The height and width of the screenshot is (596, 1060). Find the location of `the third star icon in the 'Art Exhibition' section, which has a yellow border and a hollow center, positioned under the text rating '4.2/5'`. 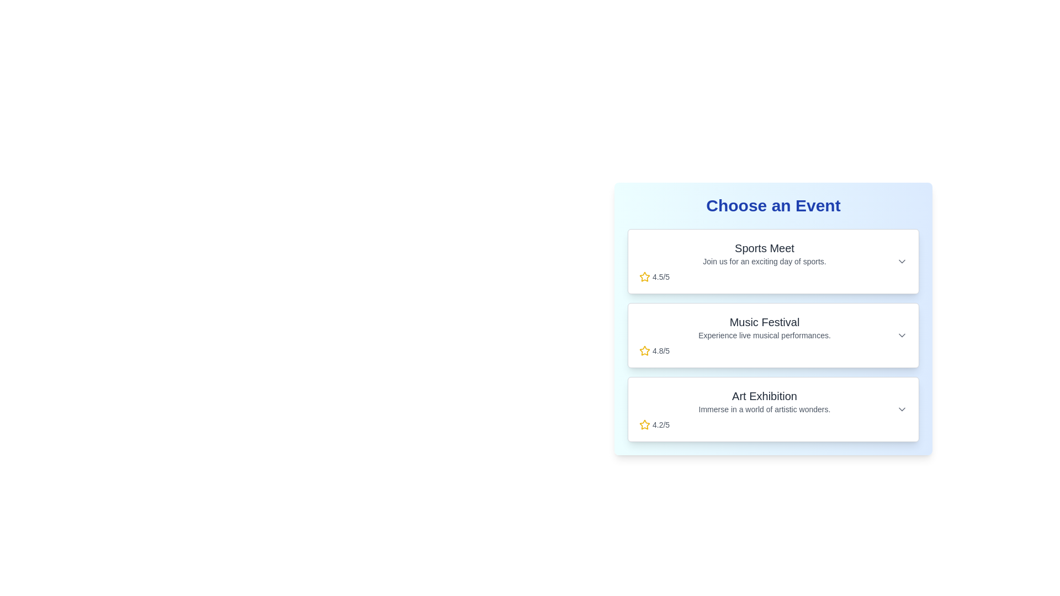

the third star icon in the 'Art Exhibition' section, which has a yellow border and a hollow center, positioned under the text rating '4.2/5' is located at coordinates (644, 424).